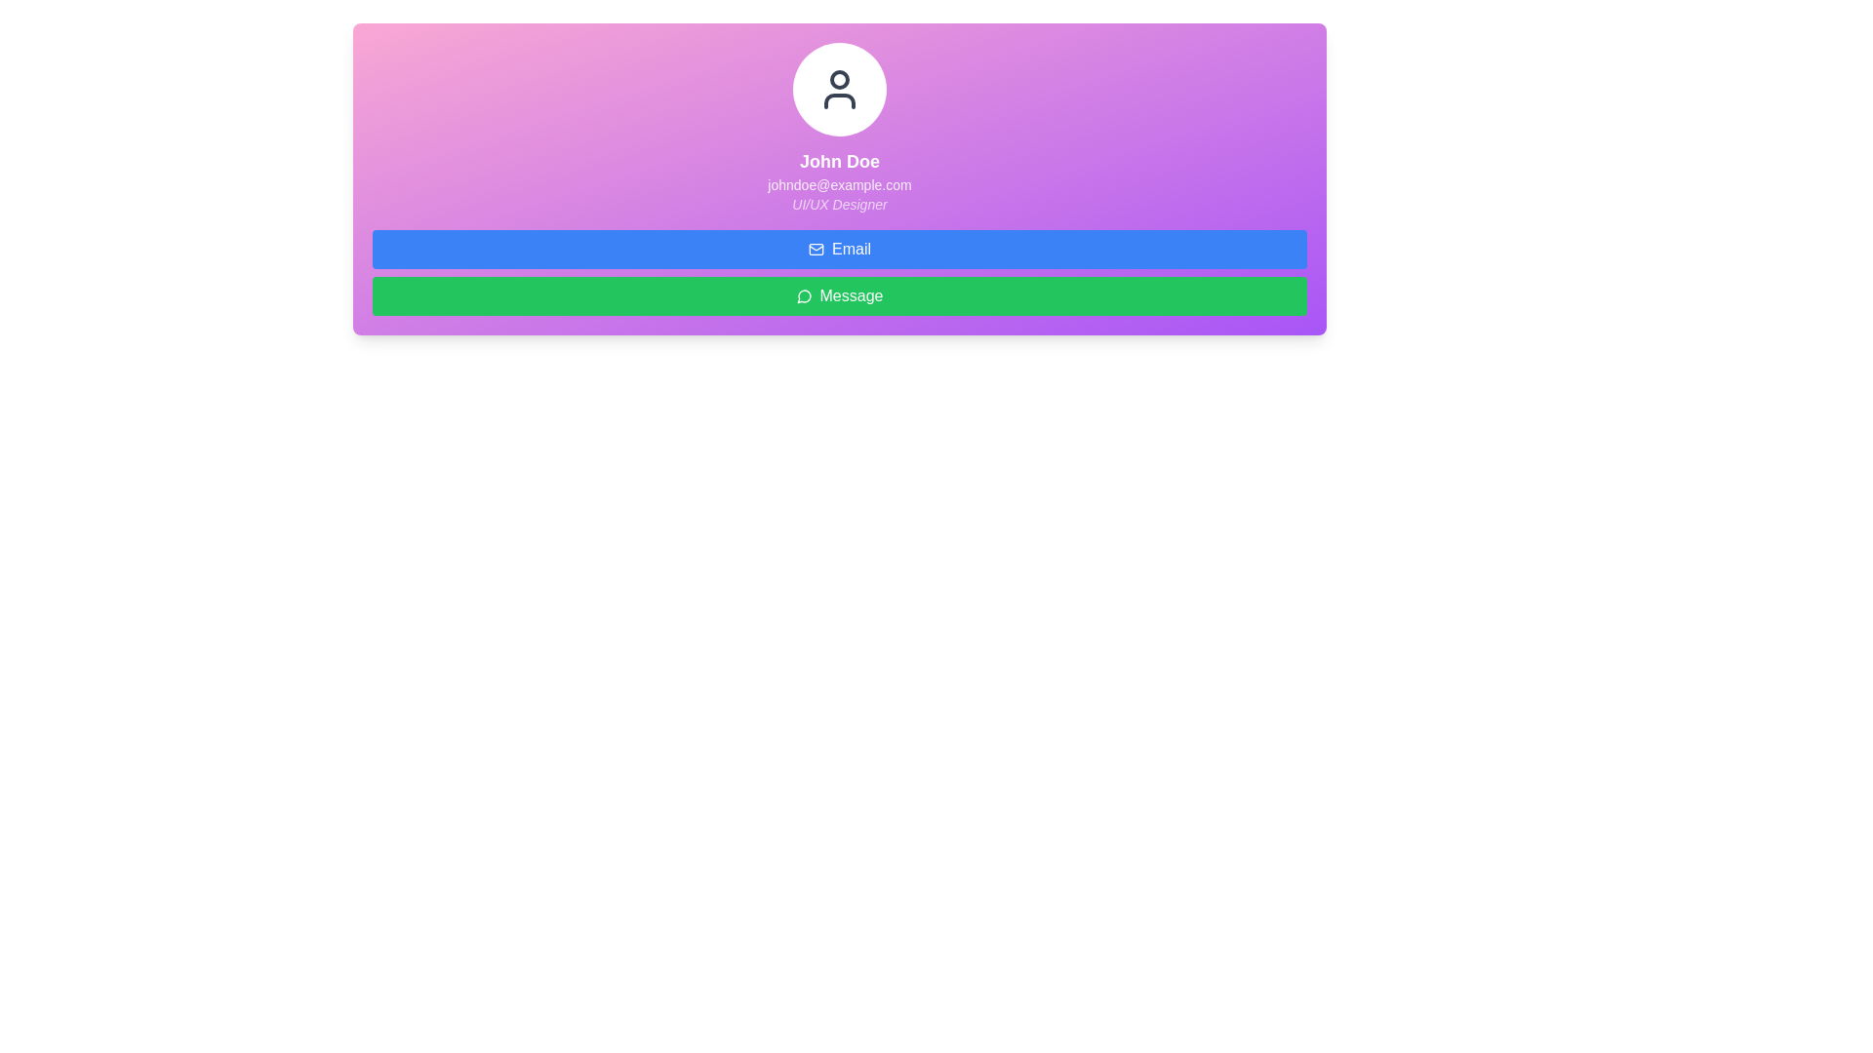 The height and width of the screenshot is (1053, 1873). I want to click on the messaging icon located to the left of the green 'Message' button, which represents messaging functionality, so click(804, 296).